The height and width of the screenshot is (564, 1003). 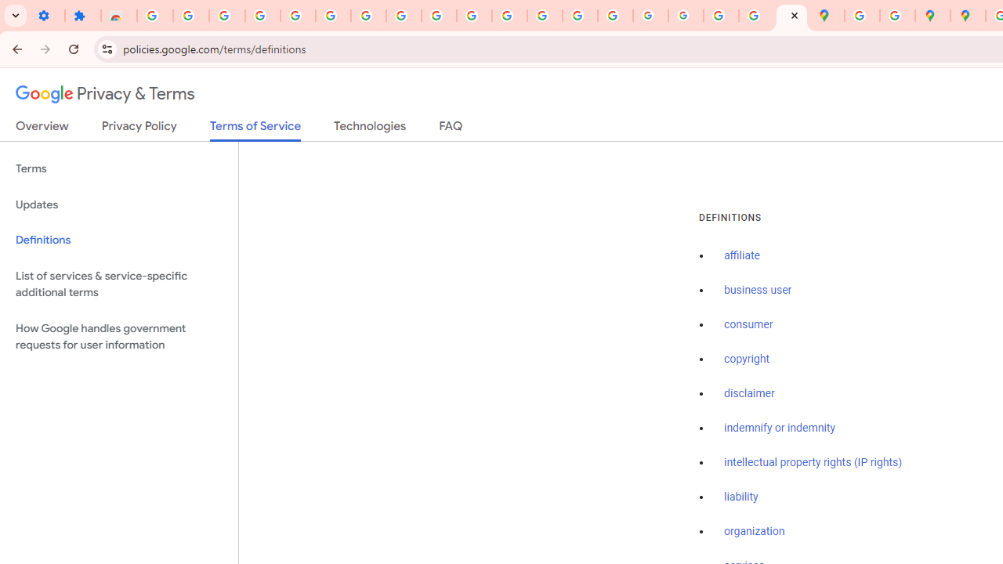 What do you see at coordinates (755, 531) in the screenshot?
I see `'organization'` at bounding box center [755, 531].